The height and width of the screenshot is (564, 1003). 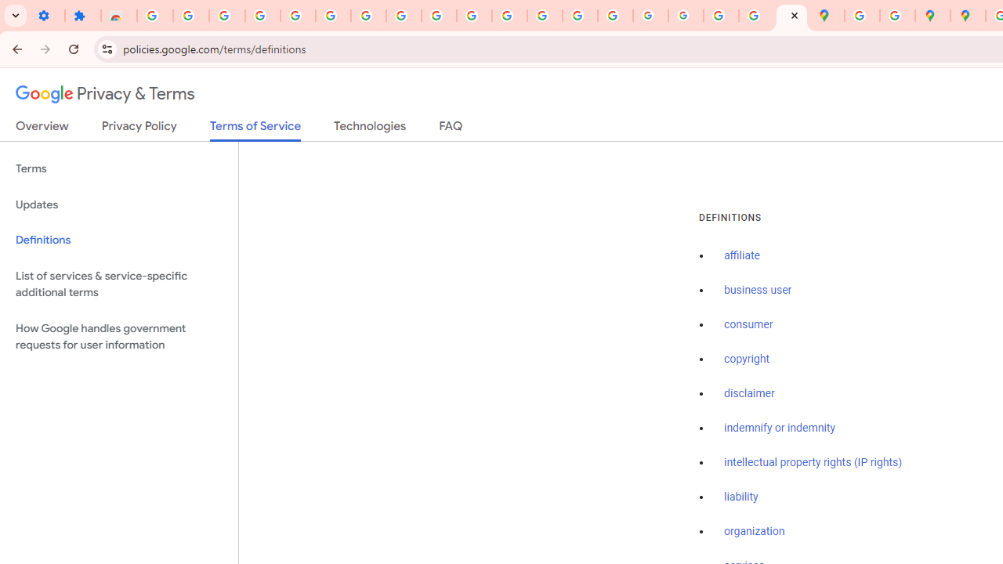 What do you see at coordinates (755, 531) in the screenshot?
I see `'organization'` at bounding box center [755, 531].